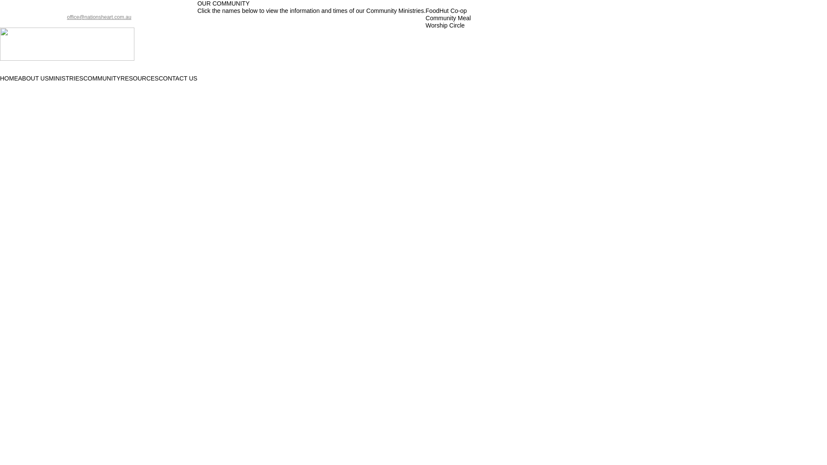 This screenshot has height=465, width=827. I want to click on 'RESOURCES', so click(140, 78).